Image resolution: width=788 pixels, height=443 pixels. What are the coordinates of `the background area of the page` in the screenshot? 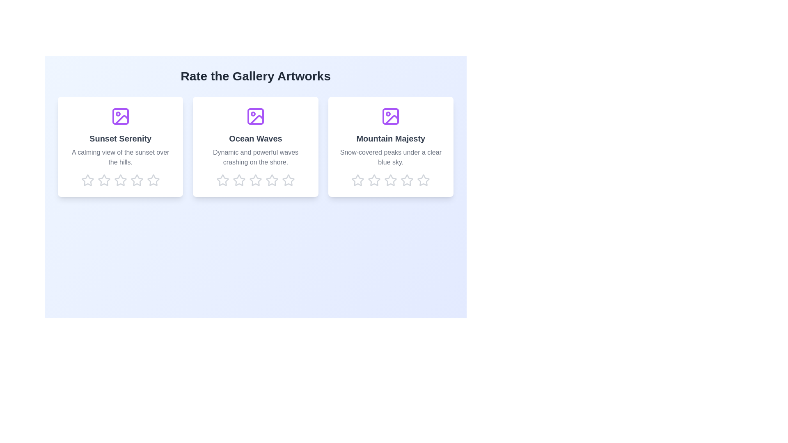 It's located at (20, 20).